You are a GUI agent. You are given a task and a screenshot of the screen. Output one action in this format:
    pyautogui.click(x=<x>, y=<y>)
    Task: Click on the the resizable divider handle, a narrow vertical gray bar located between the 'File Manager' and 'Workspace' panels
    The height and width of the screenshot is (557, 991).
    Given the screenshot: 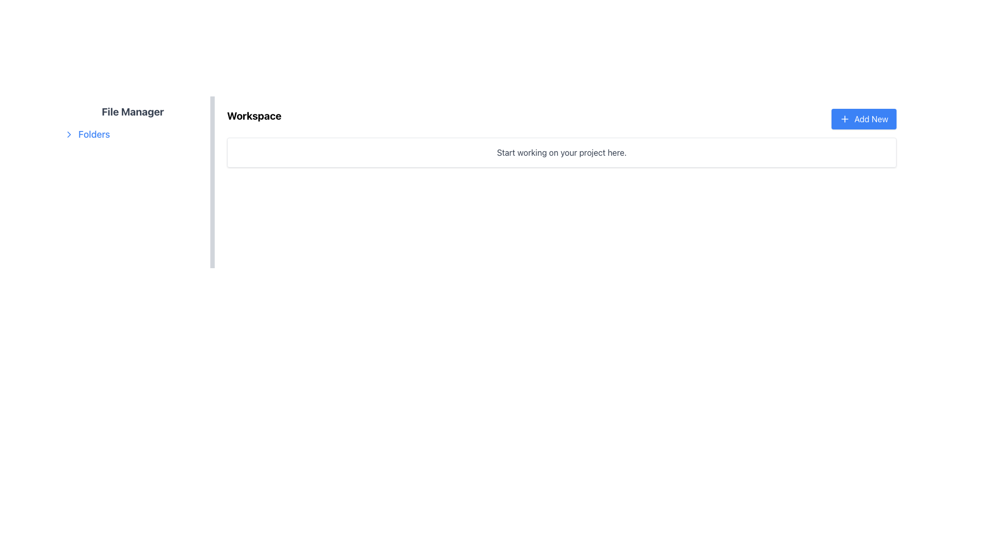 What is the action you would take?
    pyautogui.click(x=212, y=251)
    